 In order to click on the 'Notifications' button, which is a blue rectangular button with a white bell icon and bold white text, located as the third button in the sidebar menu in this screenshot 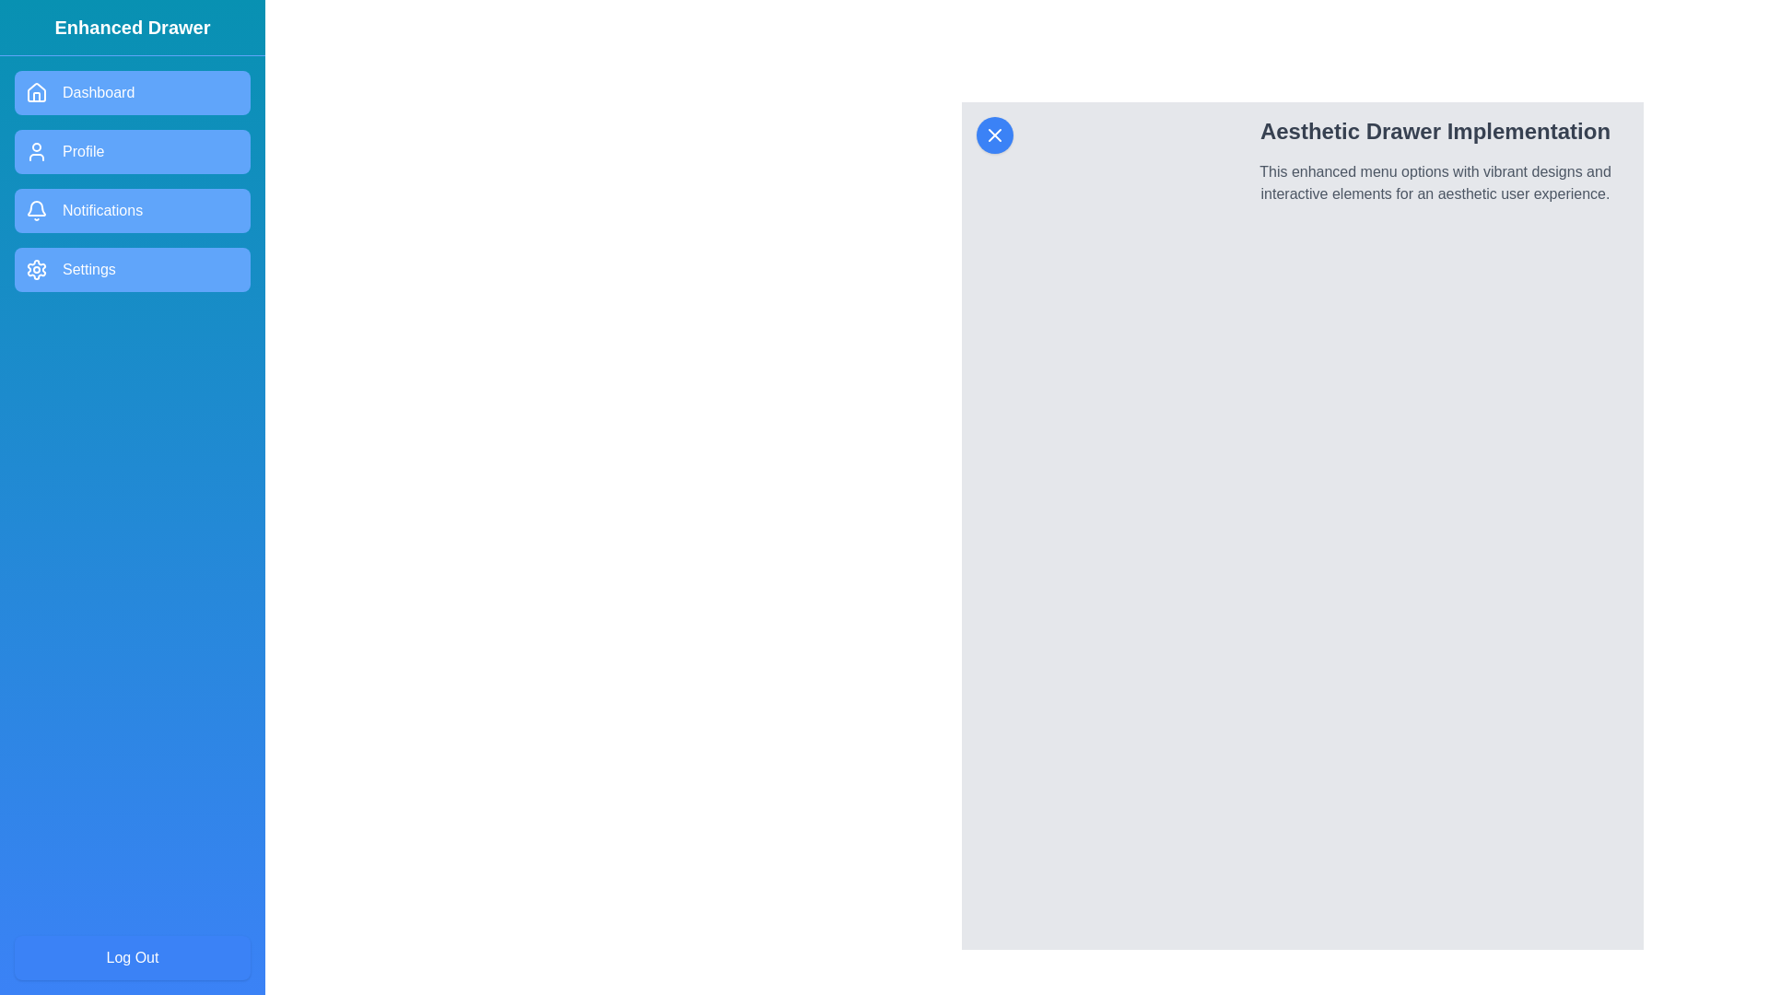, I will do `click(132, 209)`.